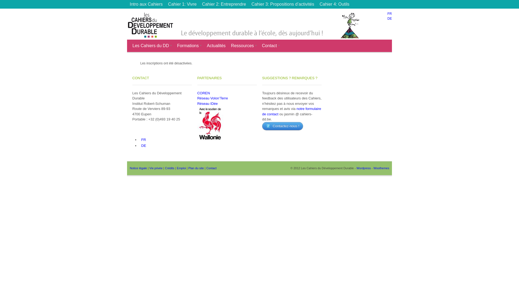 This screenshot has height=291, width=519. I want to click on 'FR', so click(389, 13).